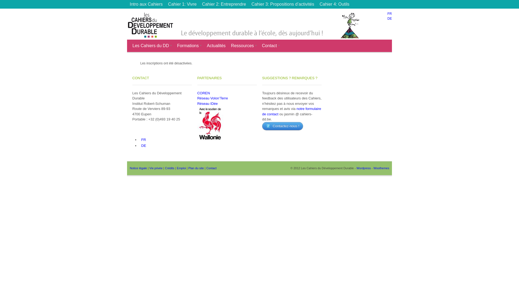 This screenshot has height=291, width=519. I want to click on 'FR', so click(389, 13).